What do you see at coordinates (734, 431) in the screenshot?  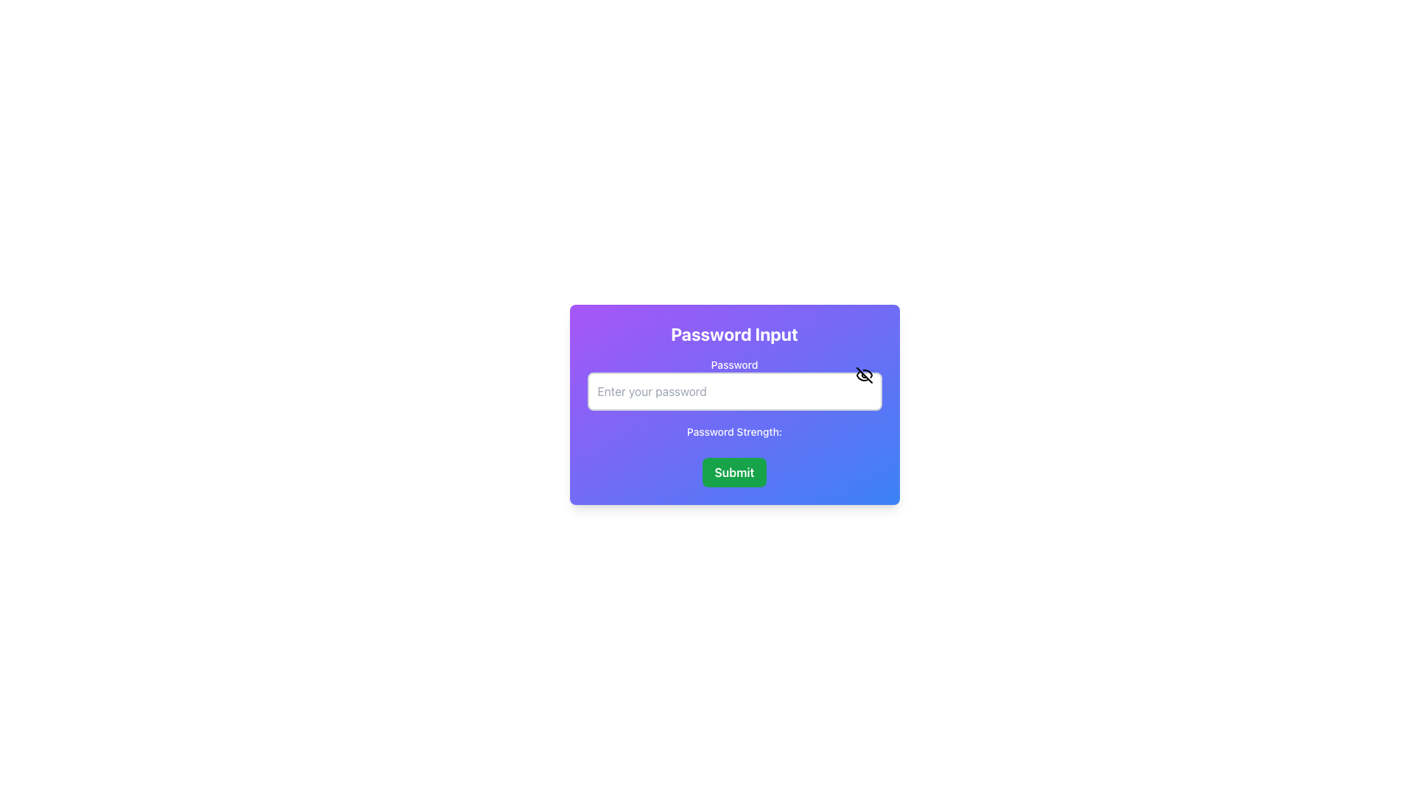 I see `password strength label located beneath the password input field in the 'Password Input' card structure` at bounding box center [734, 431].